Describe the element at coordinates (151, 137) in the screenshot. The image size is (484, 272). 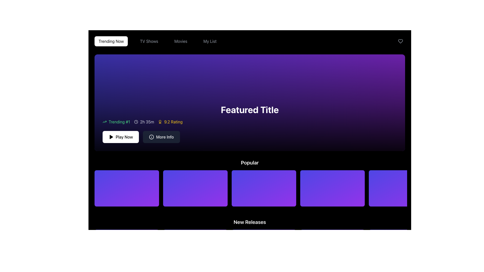
I see `the SVG-based icon located to the left of the 'More Info' button, which provides additional information, positioned below the 'Play Now' button` at that location.